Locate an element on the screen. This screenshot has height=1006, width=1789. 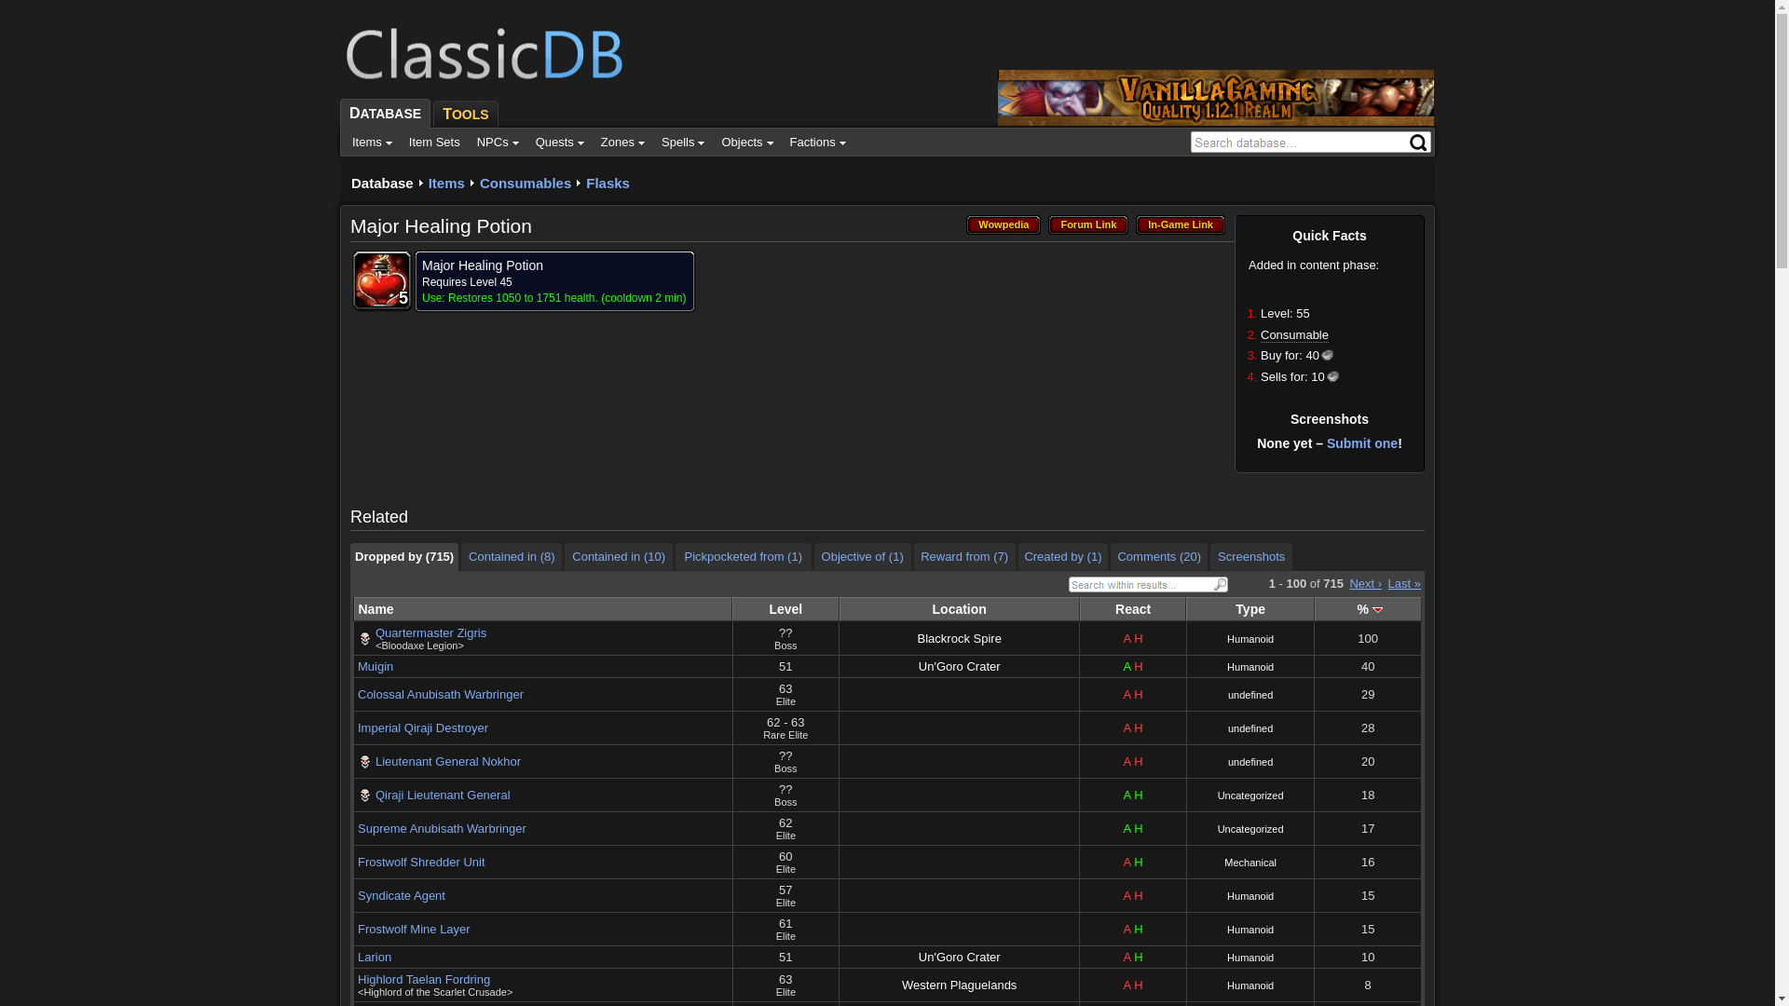
'Pickpocketed from (1)' is located at coordinates (742, 555).